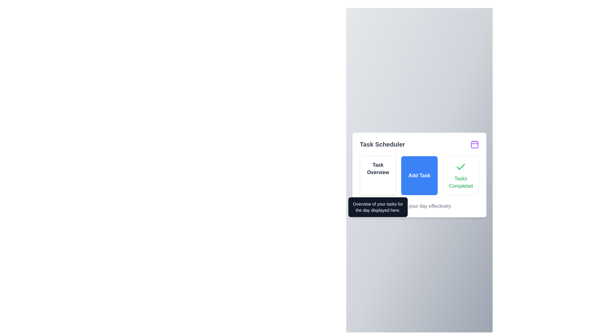 The height and width of the screenshot is (334, 593). What do you see at coordinates (378, 207) in the screenshot?
I see `text displayed in the tooltip with dark background and white text reading 'Overview of your tasks for the day displayed here.' located below the 'Task Overview' section in the 'Task Scheduler' panel` at bounding box center [378, 207].